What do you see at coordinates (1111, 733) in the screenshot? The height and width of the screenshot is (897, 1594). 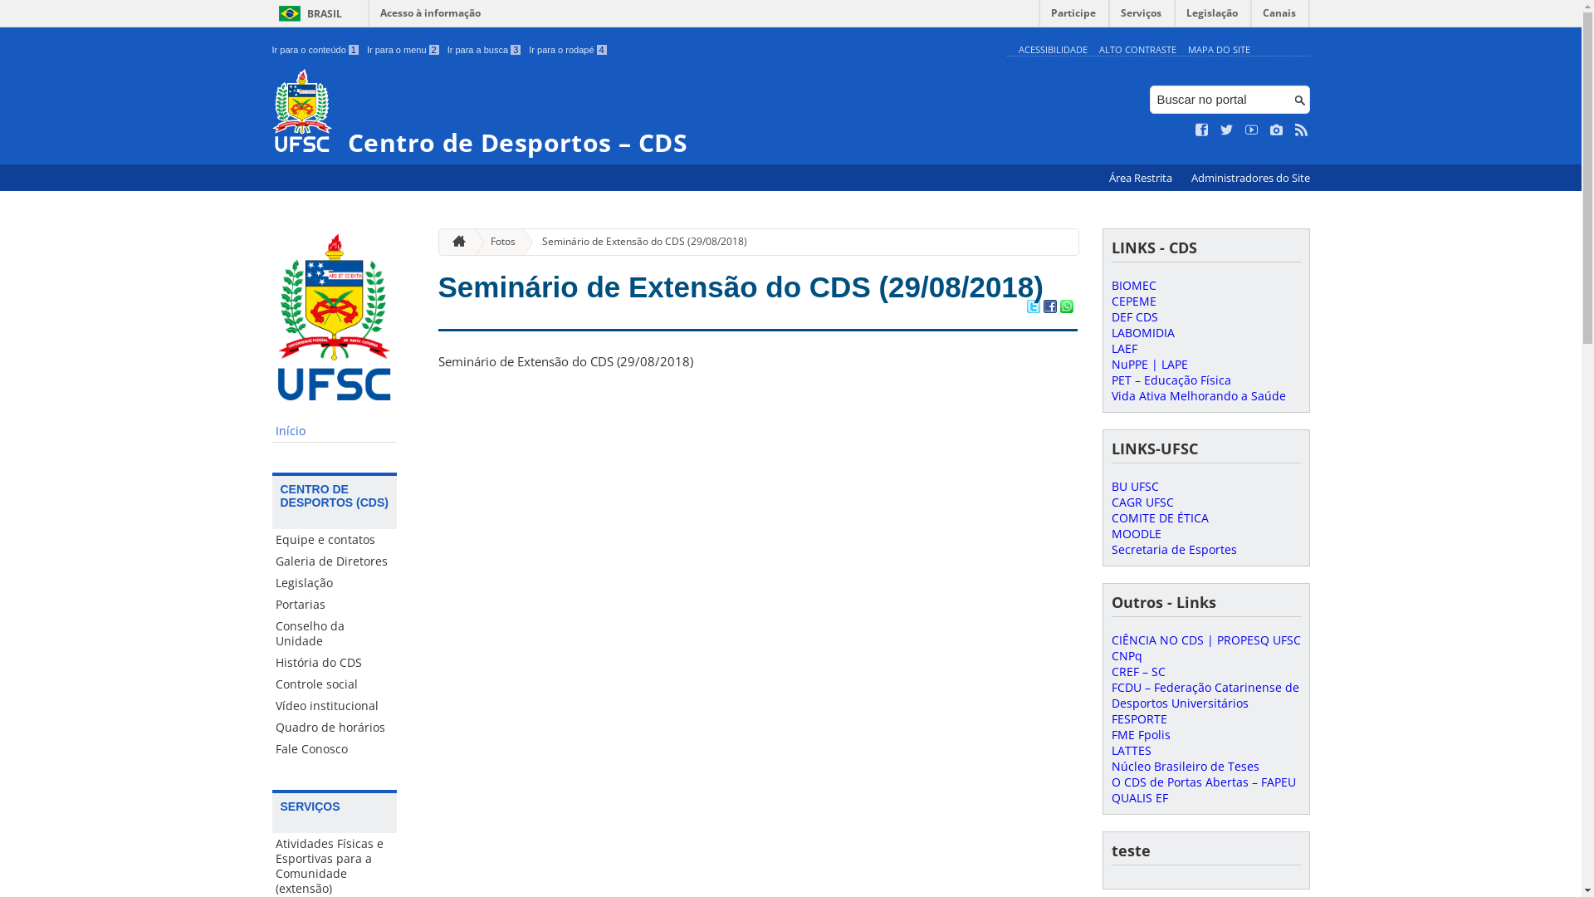 I see `'FME Fpolis'` at bounding box center [1111, 733].